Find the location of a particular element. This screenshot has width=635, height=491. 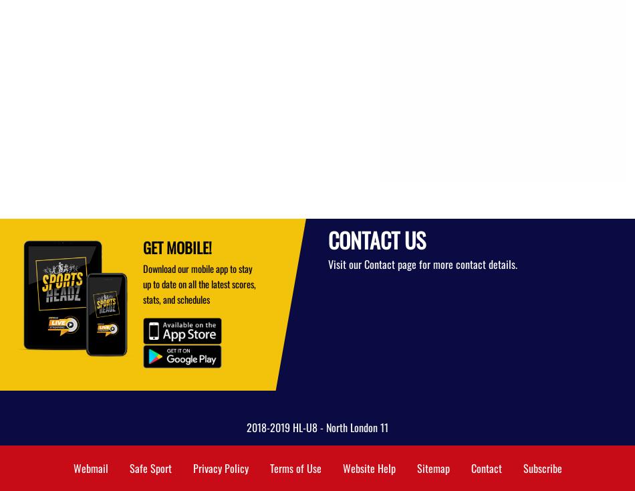

'Sitemap' is located at coordinates (432, 468).